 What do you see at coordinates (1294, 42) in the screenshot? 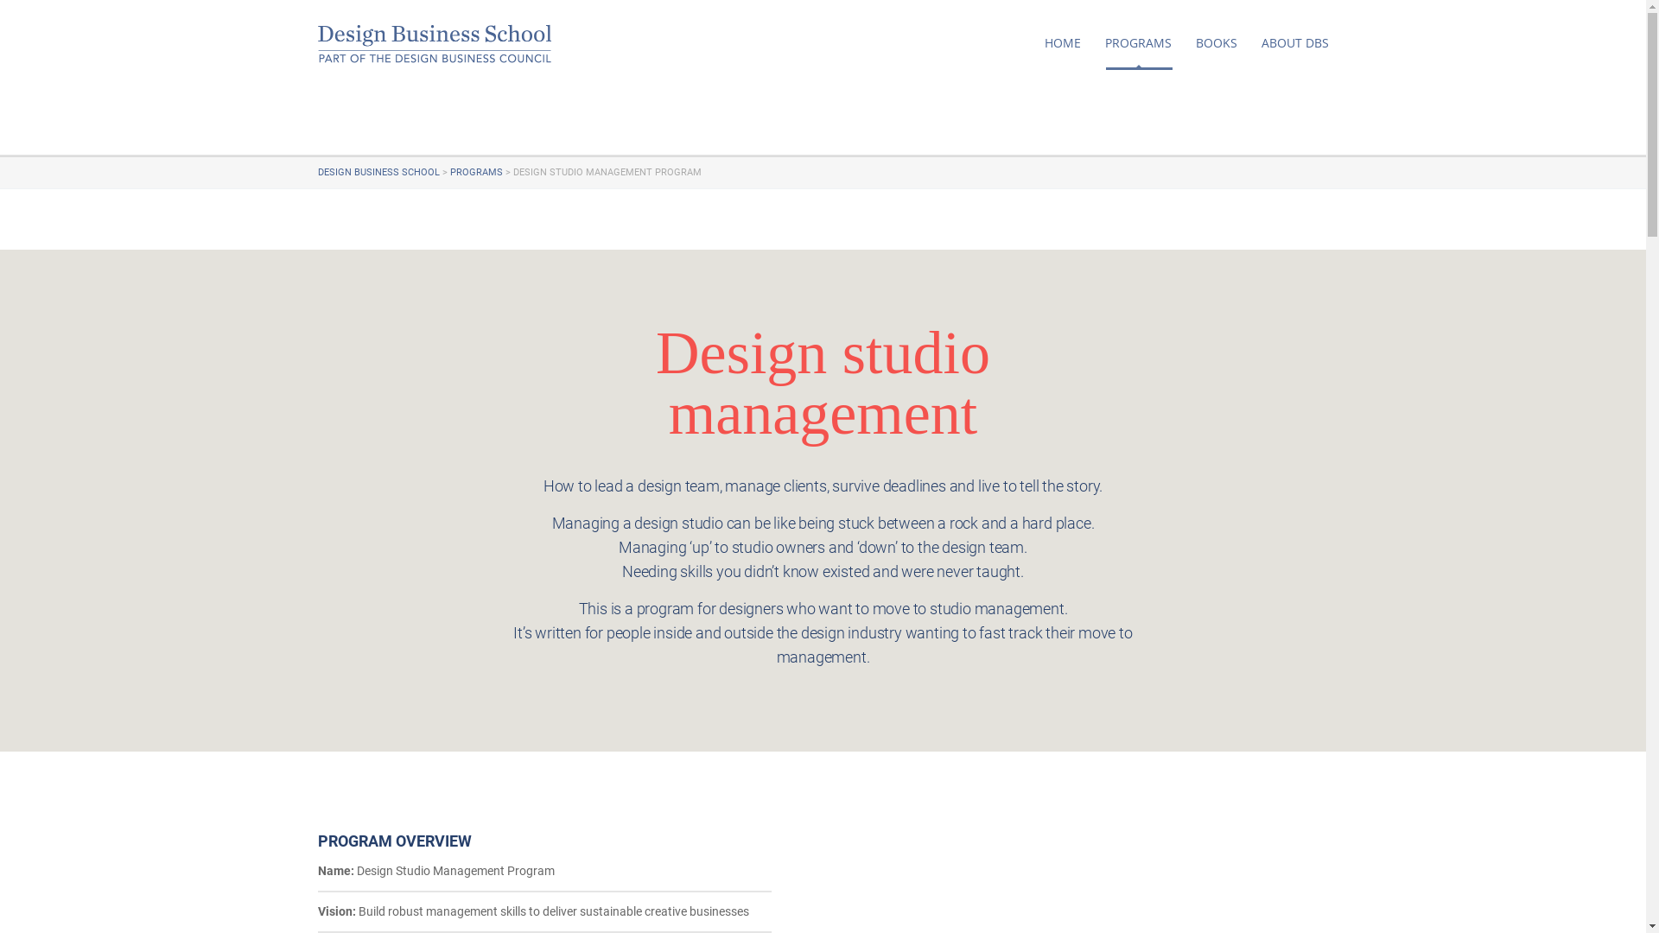
I see `'ABOUT DBS'` at bounding box center [1294, 42].